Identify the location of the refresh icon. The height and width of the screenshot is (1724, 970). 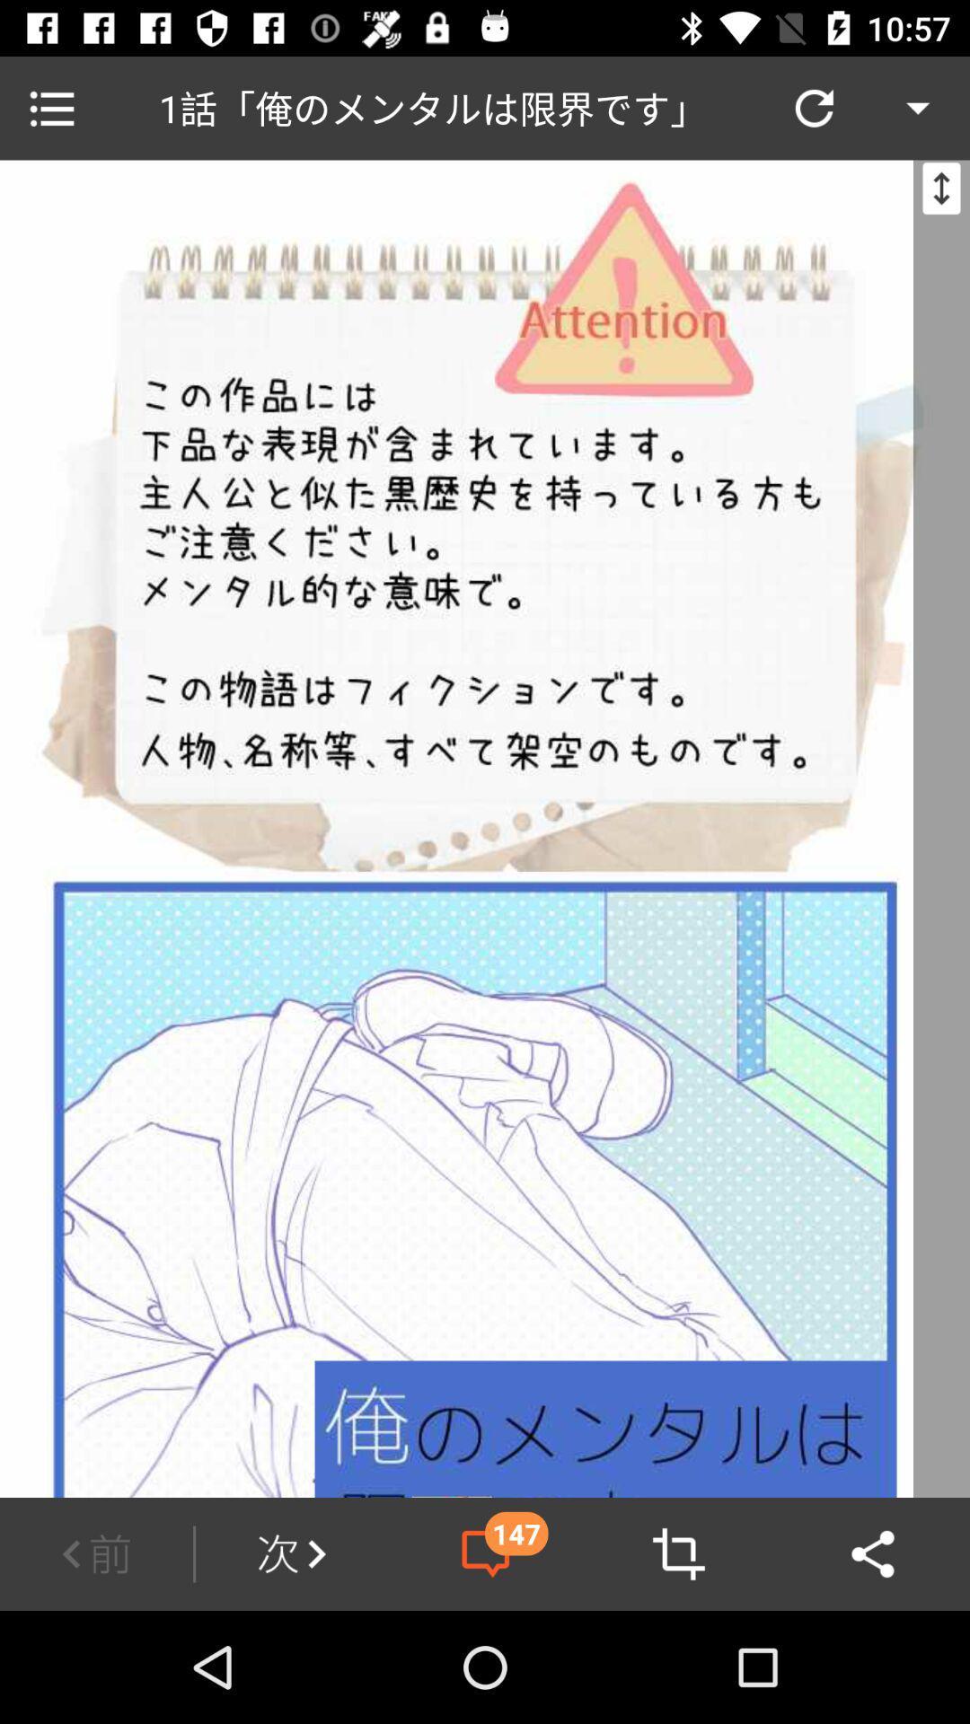
(814, 107).